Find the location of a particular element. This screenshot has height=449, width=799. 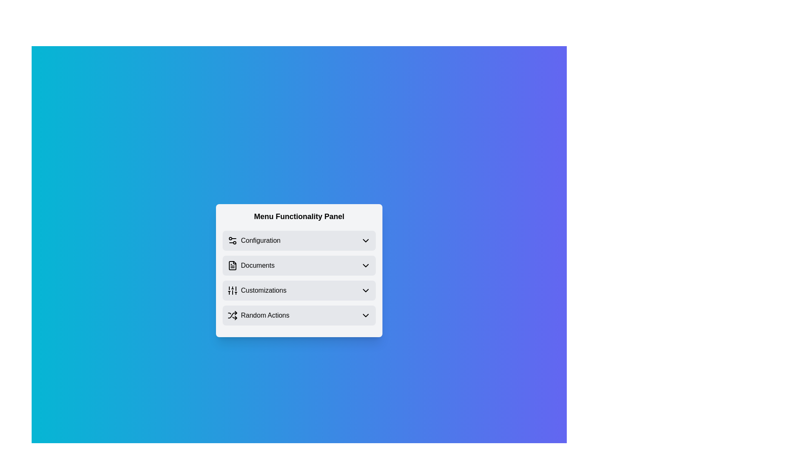

the menu item Configuration to observe its hover effect is located at coordinates (299, 240).